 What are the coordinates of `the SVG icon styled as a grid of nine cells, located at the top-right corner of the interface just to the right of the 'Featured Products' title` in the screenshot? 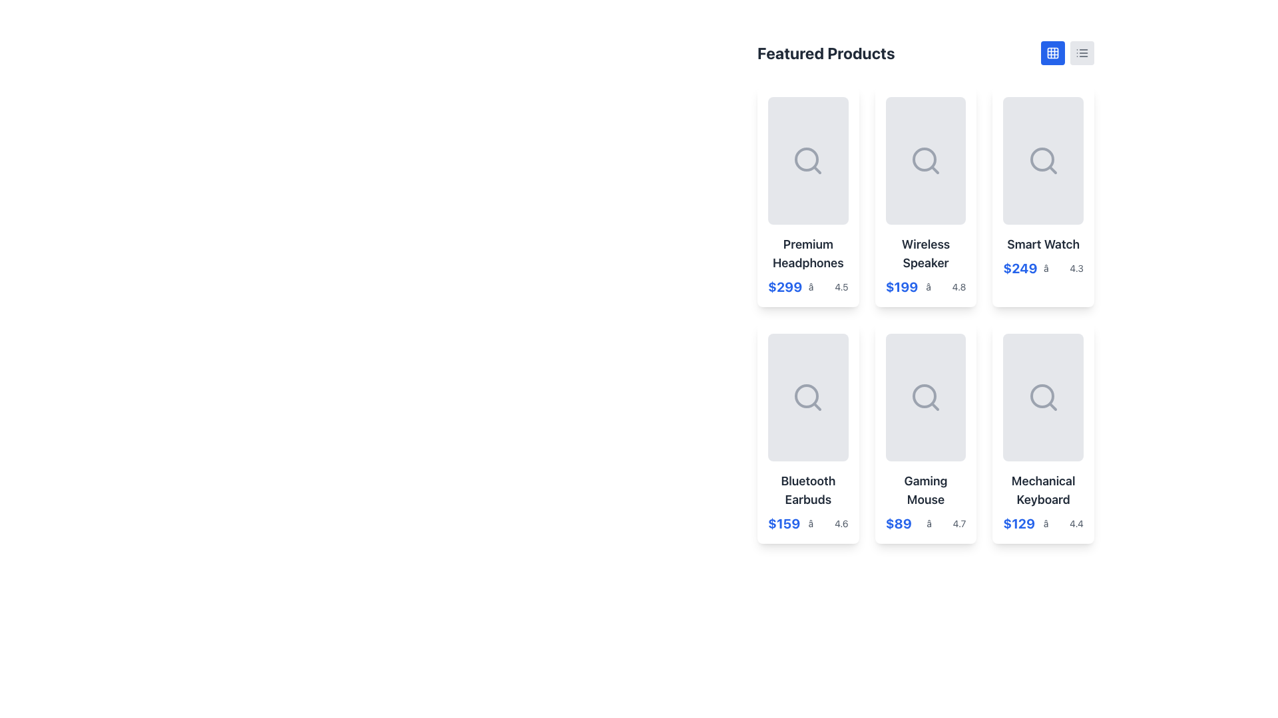 It's located at (1052, 53).